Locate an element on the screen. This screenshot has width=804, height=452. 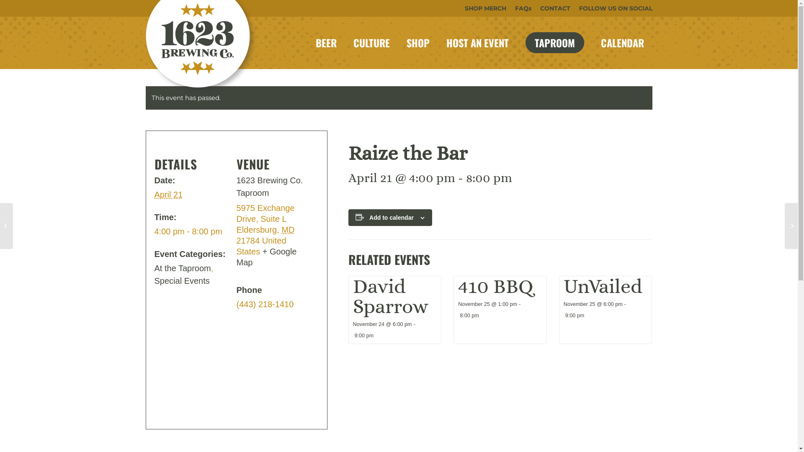
'SHOP' is located at coordinates (417, 42).